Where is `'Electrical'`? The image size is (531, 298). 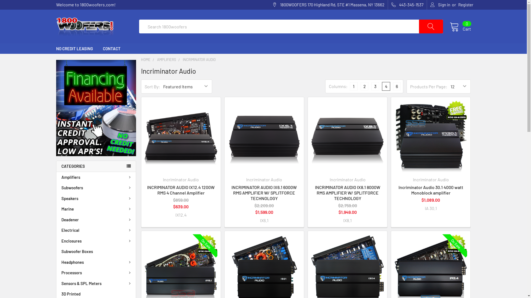
'Electrical' is located at coordinates (56, 230).